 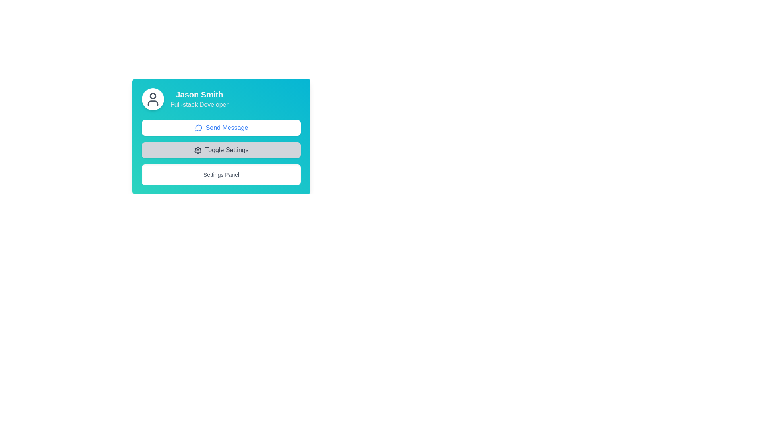 What do you see at coordinates (221, 127) in the screenshot?
I see `the first interactive button below the profile section 'Jason Smith Full-stack Developer'` at bounding box center [221, 127].